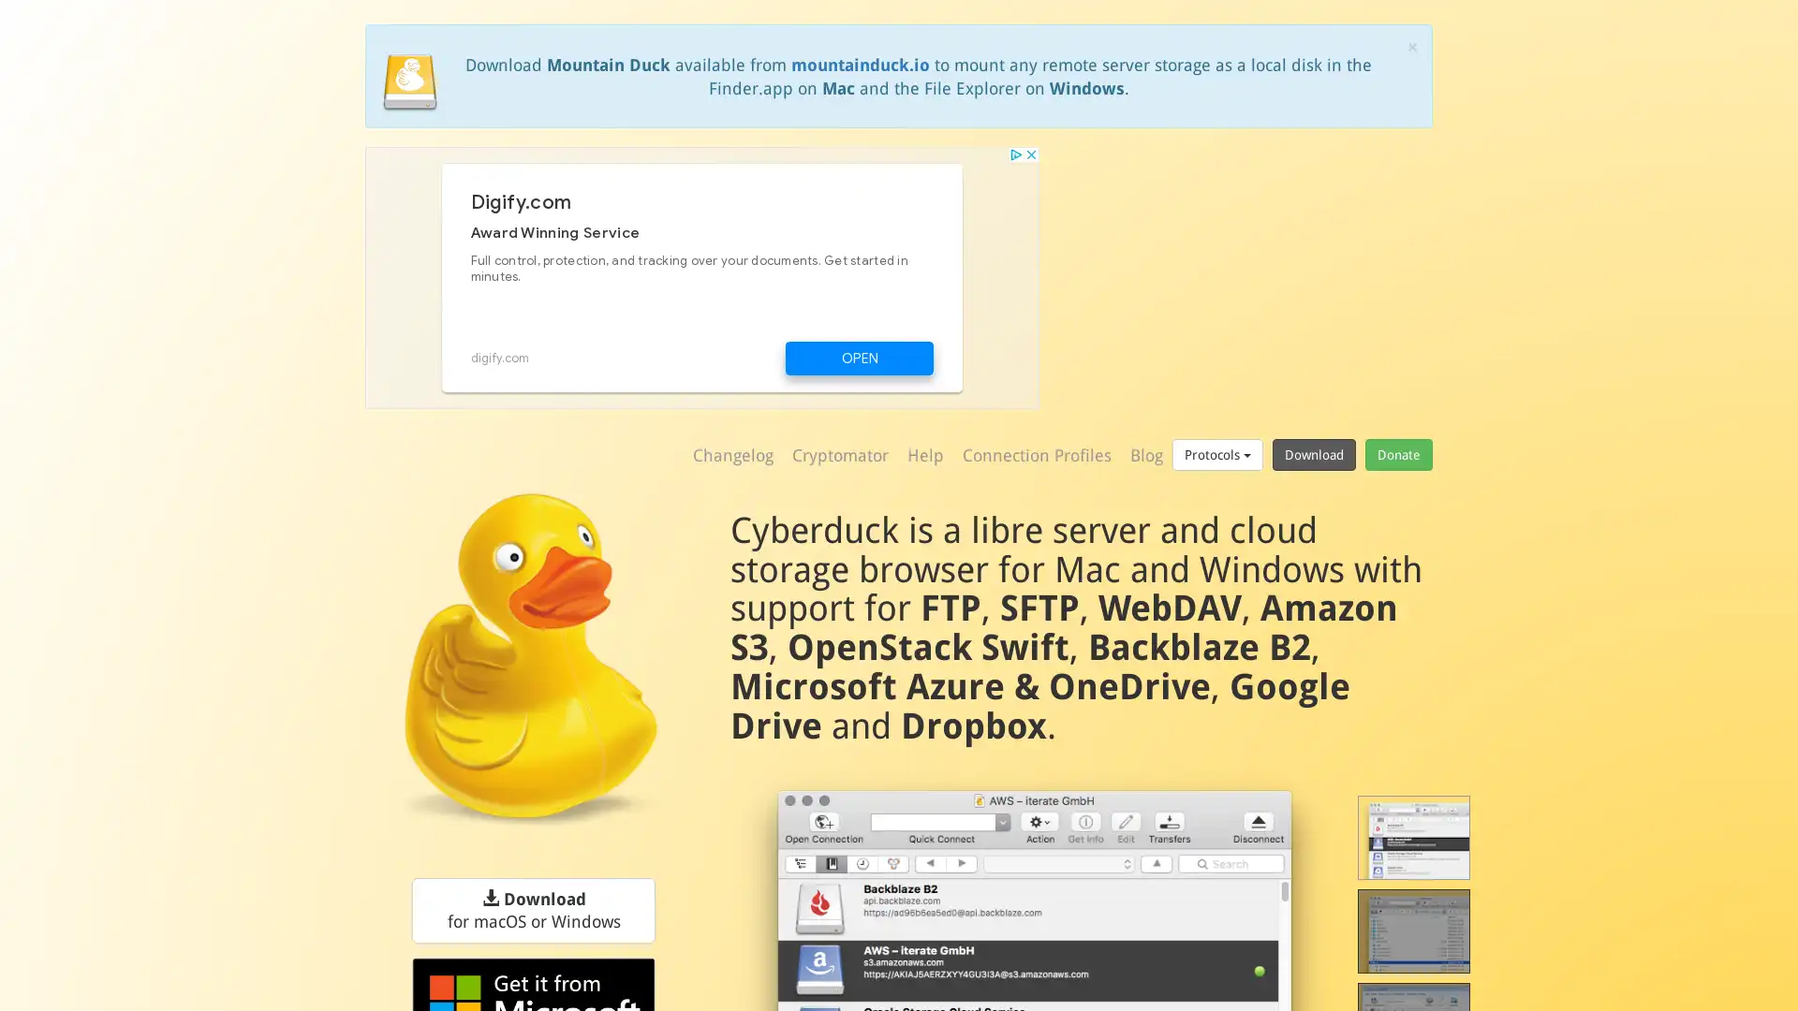 This screenshot has height=1011, width=1798. Describe the element at coordinates (1313, 454) in the screenshot. I see `Download` at that location.